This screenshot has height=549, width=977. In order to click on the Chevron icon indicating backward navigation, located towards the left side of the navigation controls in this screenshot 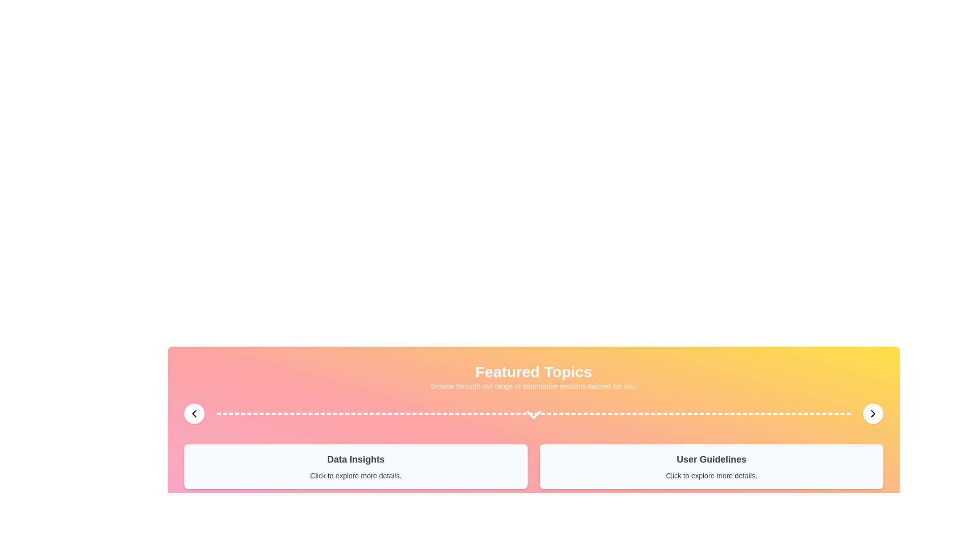, I will do `click(194, 413)`.